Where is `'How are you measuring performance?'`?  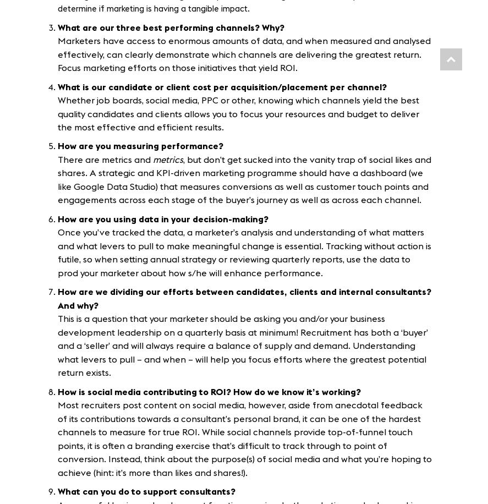
'How are you measuring performance?' is located at coordinates (141, 146).